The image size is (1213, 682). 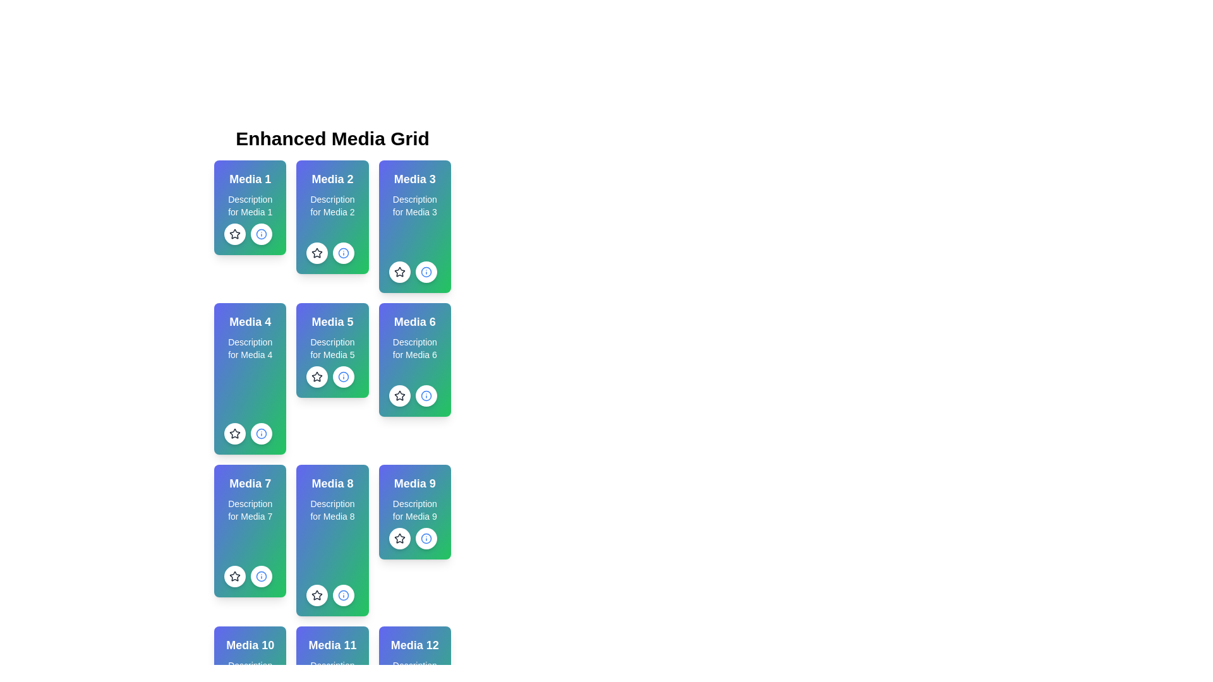 I want to click on the Text label serving as the title for the Media 12 card, located at the bottom-right of a grid layout, above the description text, so click(x=414, y=645).